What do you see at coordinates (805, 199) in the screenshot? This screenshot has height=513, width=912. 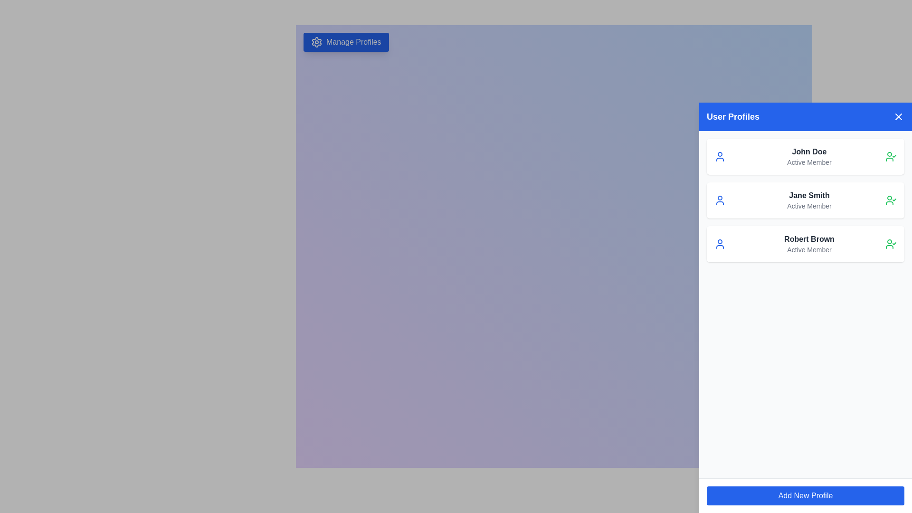 I see `the second profile card for 'Jane Smith' in the 'User Profiles' panel` at bounding box center [805, 199].